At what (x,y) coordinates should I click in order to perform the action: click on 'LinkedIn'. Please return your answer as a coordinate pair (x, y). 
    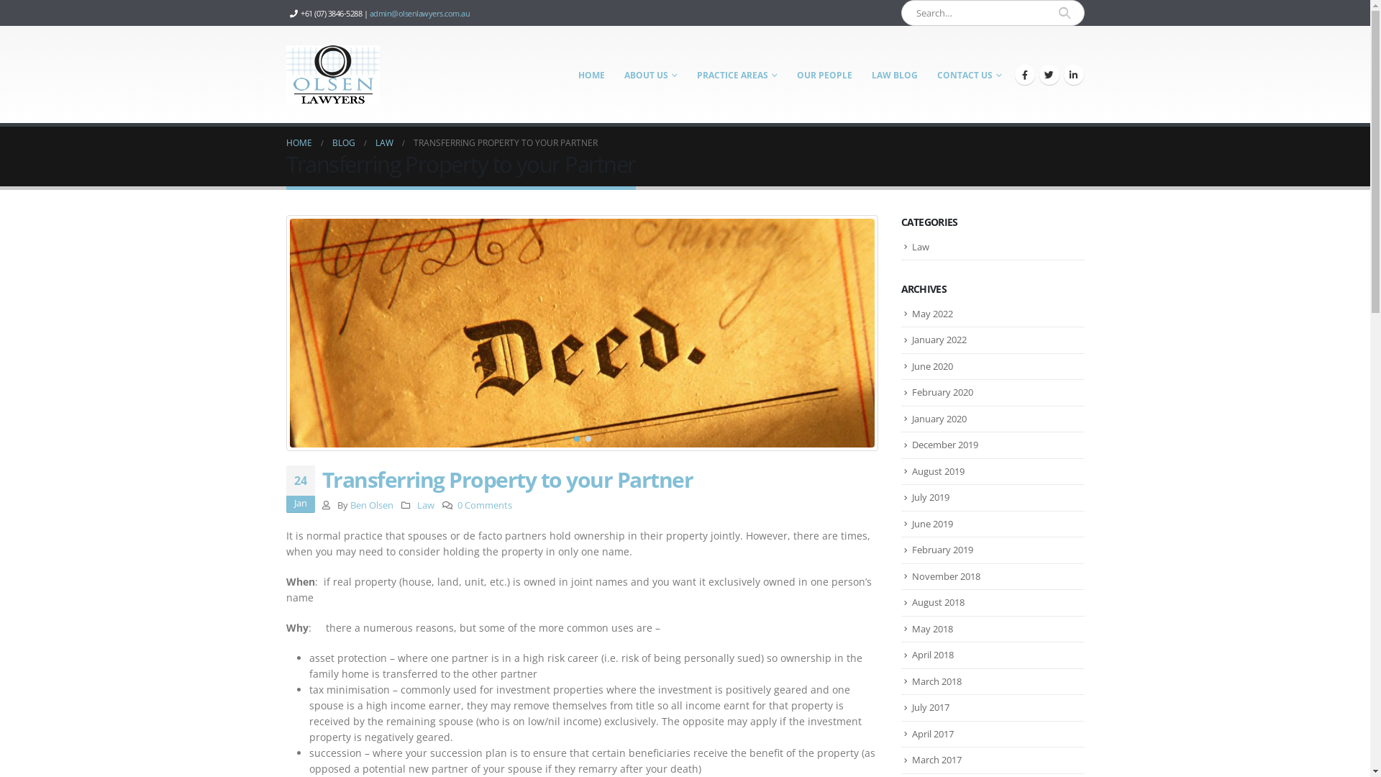
    Looking at the image, I should click on (1073, 75).